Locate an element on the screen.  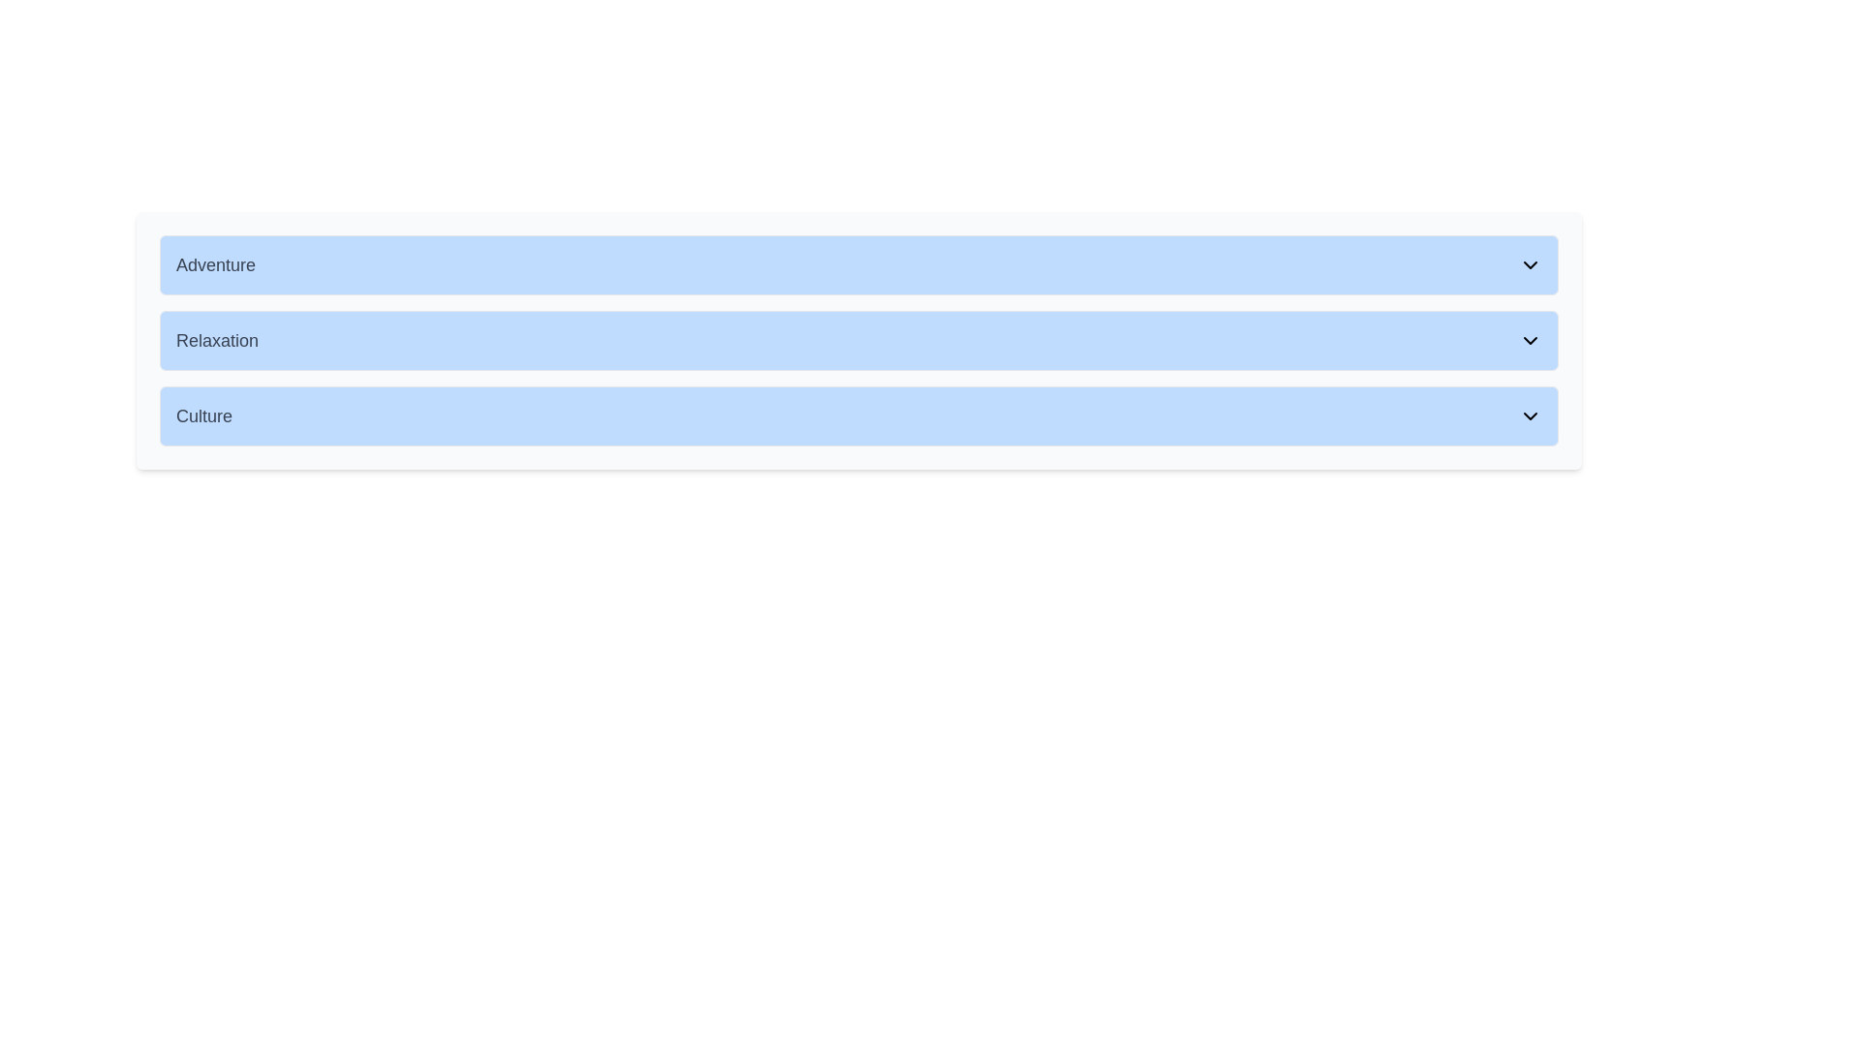
the third item in the vertically stacked collapsible toggle bar is located at coordinates (858, 410).